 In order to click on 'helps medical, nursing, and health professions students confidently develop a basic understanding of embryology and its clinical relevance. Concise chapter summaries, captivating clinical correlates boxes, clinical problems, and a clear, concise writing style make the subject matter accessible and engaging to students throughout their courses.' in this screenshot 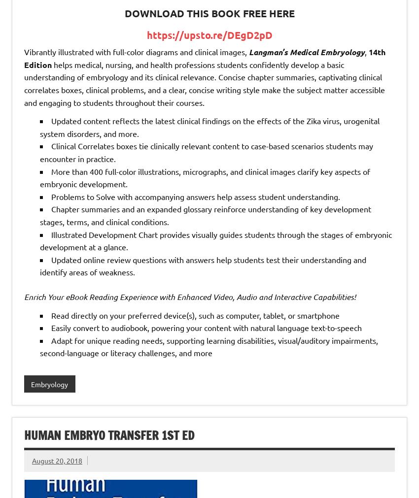, I will do `click(204, 82)`.